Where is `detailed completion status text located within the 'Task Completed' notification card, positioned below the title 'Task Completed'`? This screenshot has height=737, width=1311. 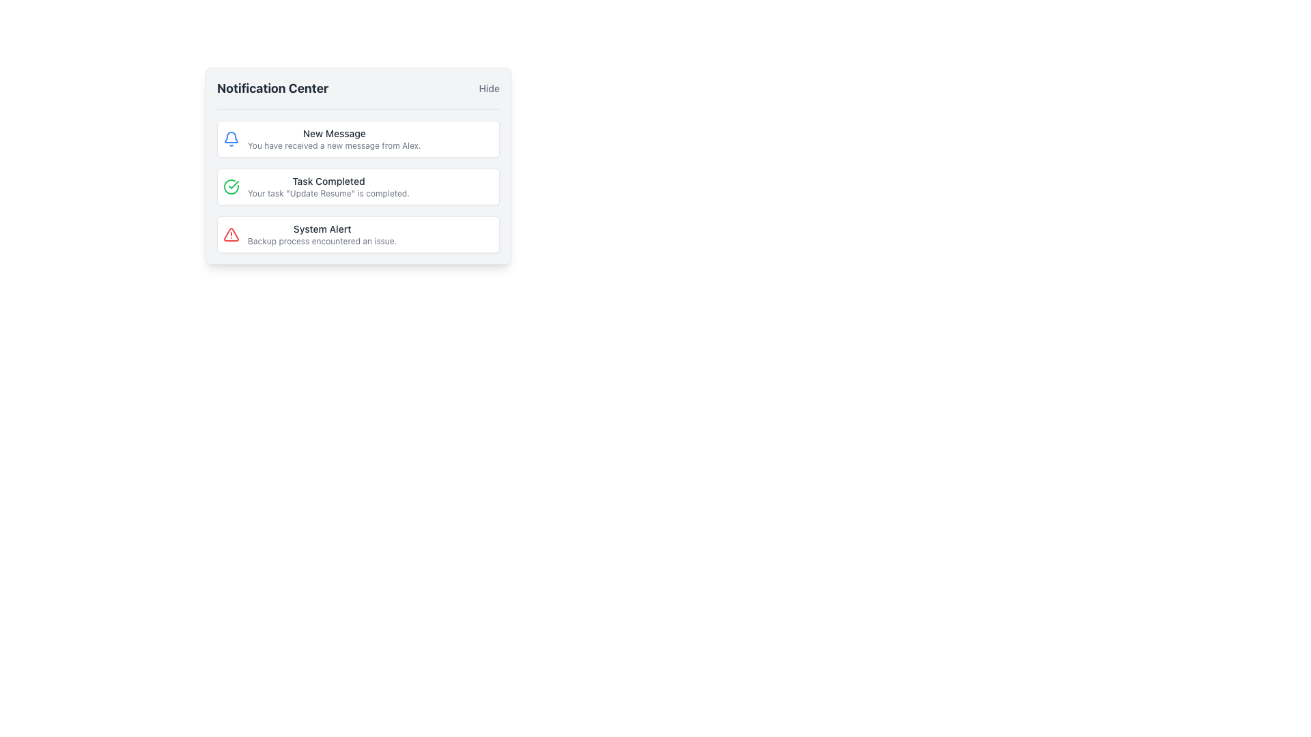
detailed completion status text located within the 'Task Completed' notification card, positioned below the title 'Task Completed' is located at coordinates (328, 194).